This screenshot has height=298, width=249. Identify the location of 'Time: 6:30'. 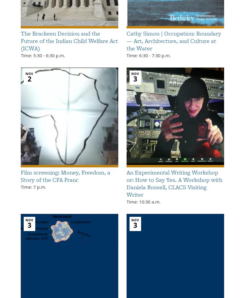
(138, 55).